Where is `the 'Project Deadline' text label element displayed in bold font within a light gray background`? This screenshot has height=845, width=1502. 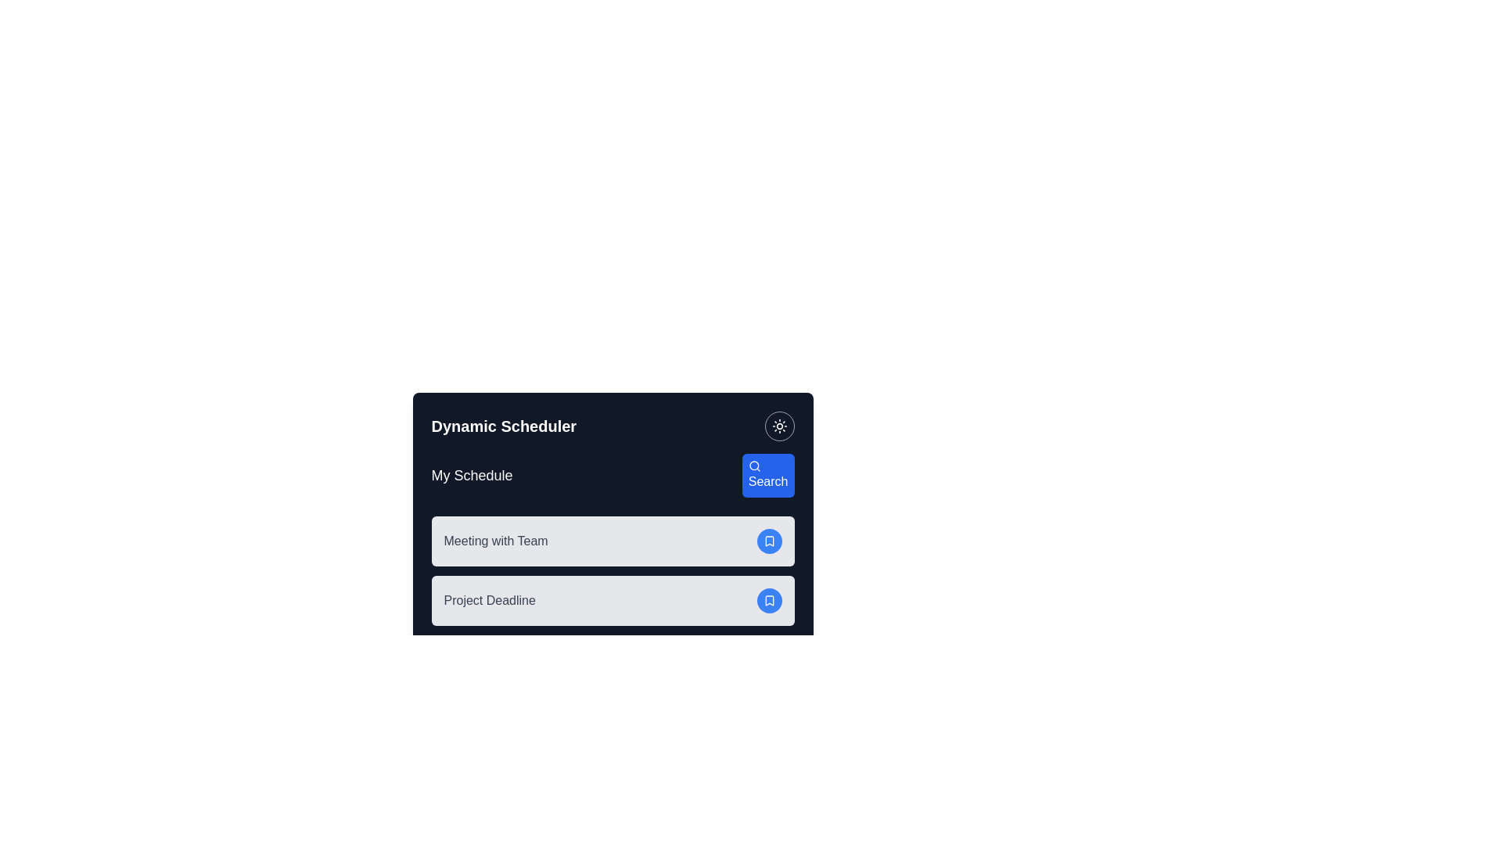
the 'Project Deadline' text label element displayed in bold font within a light gray background is located at coordinates (489, 599).